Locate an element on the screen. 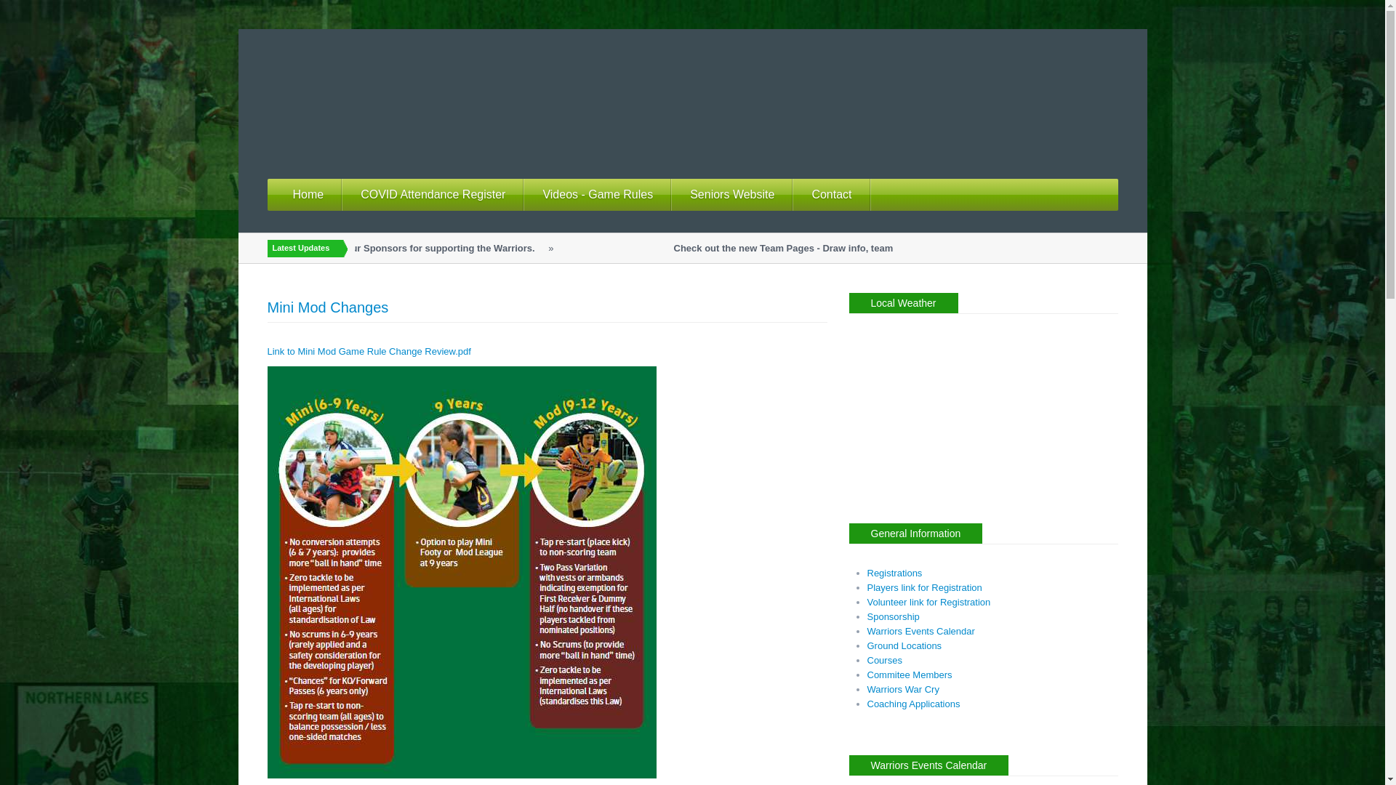 This screenshot has height=785, width=1396. 'Thanks to all of our Sponsors for supporting the Warriors.' is located at coordinates (431, 247).